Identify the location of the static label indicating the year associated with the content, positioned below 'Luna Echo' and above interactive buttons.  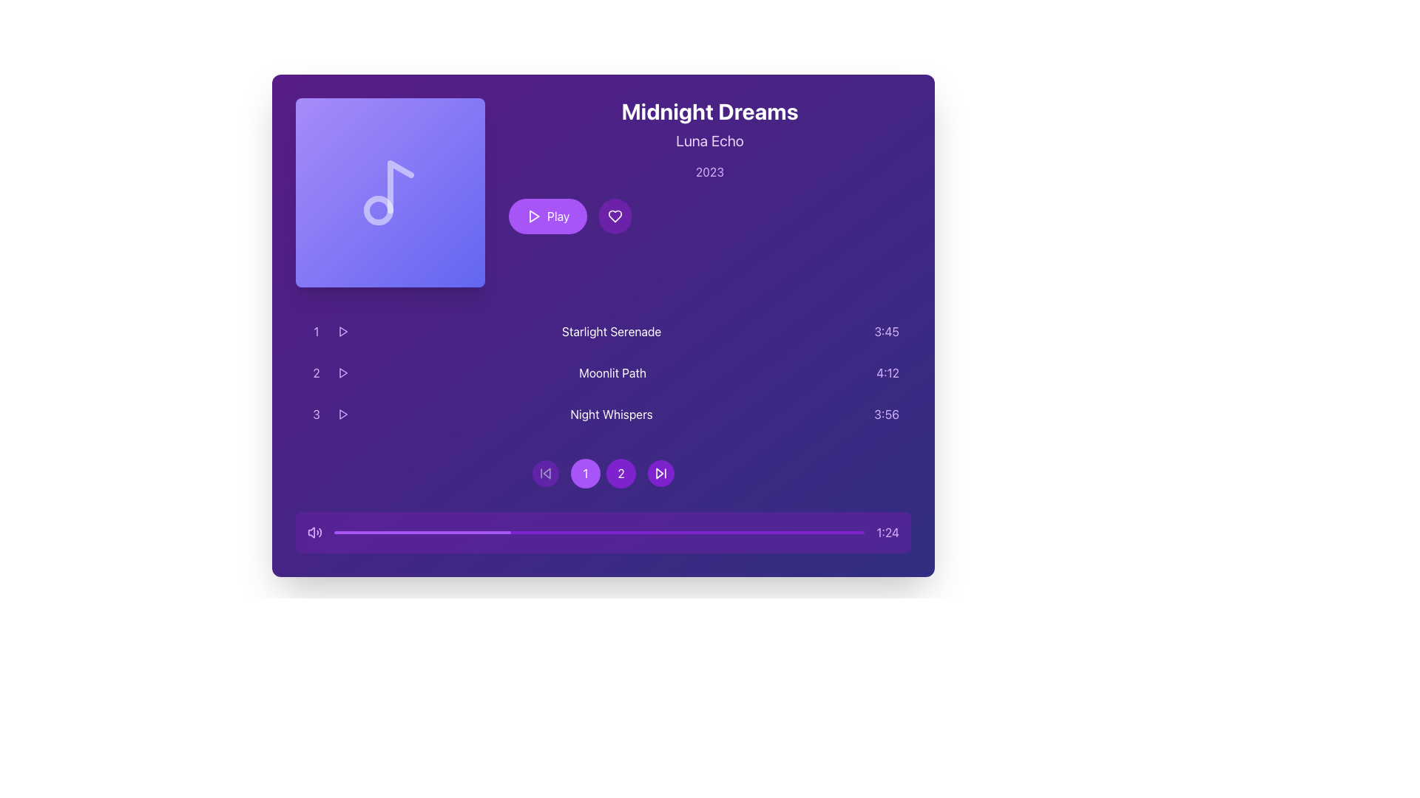
(710, 171).